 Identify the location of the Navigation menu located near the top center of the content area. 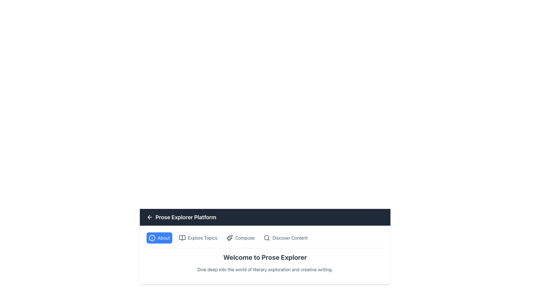
(265, 240).